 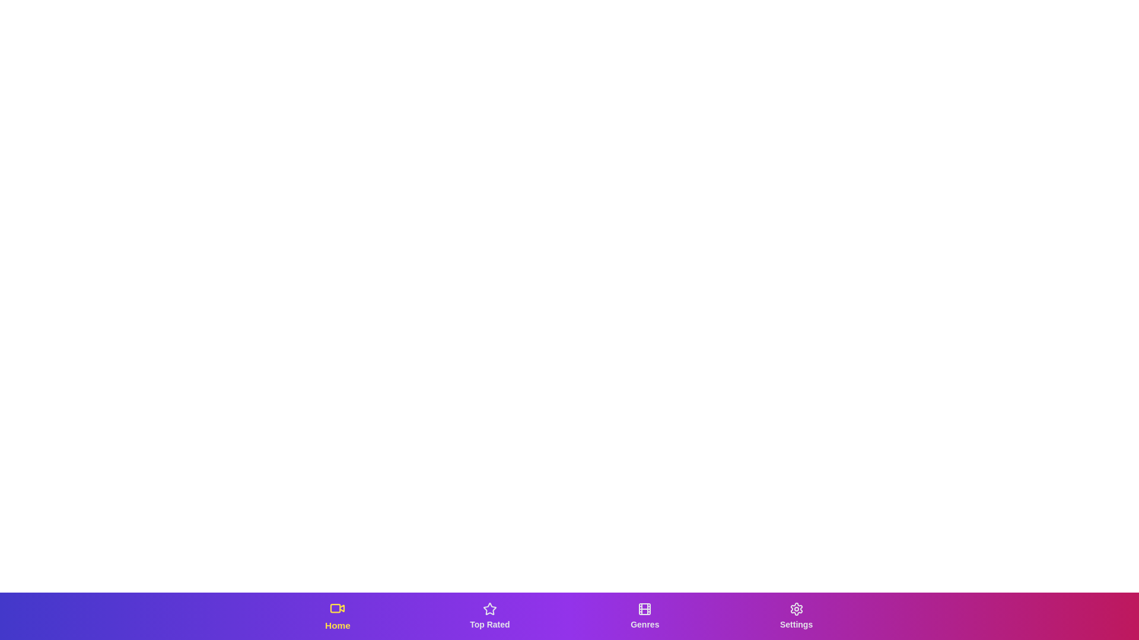 What do you see at coordinates (337, 616) in the screenshot?
I see `the Home tab to preview its effect` at bounding box center [337, 616].